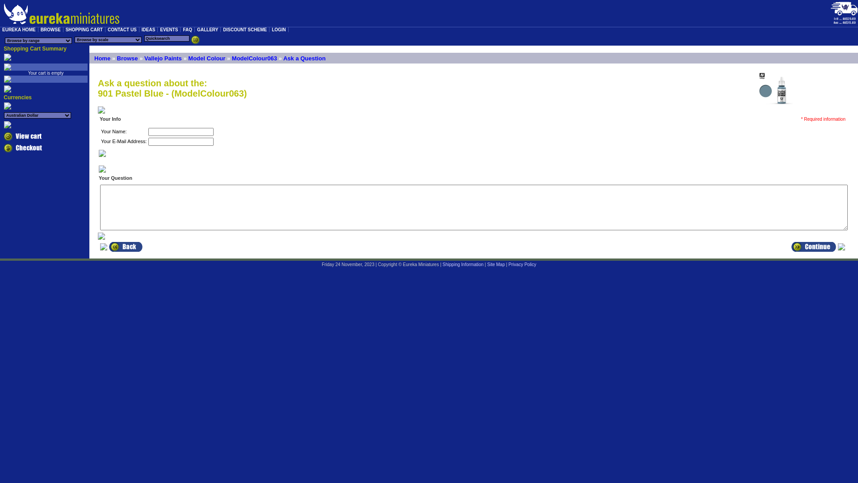  What do you see at coordinates (127, 58) in the screenshot?
I see `'Browse'` at bounding box center [127, 58].